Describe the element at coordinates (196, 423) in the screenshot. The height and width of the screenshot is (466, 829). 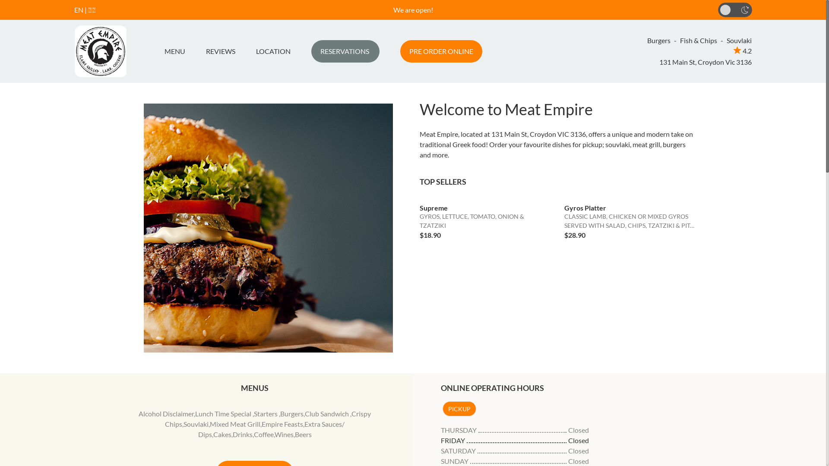
I see `'Souvlaki'` at that location.